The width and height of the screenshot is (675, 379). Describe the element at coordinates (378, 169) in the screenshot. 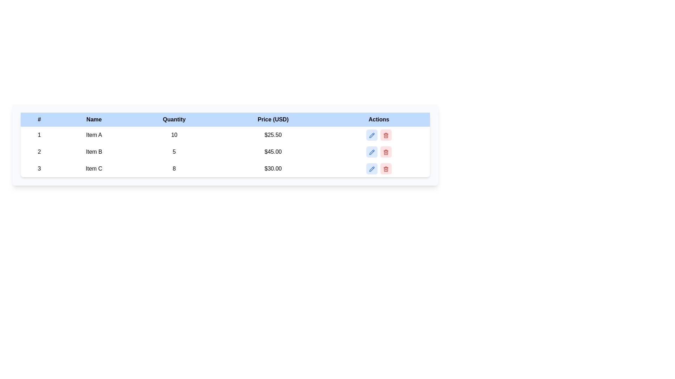

I see `the pencil icon in the 'Actions' section of the row labeled 'Item C'` at that location.